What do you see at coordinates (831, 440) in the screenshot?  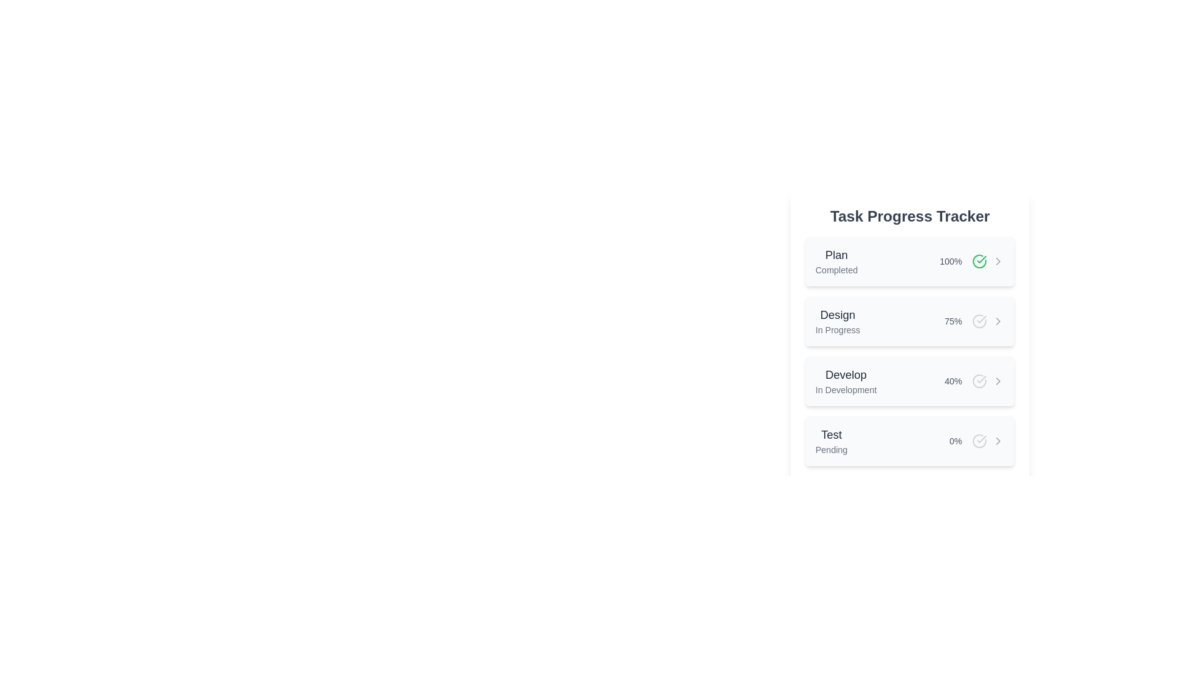 I see `the Text label group that displays 'Test' in bold and 'Pending' in gray, located in the fourth position of the task list section` at bounding box center [831, 440].